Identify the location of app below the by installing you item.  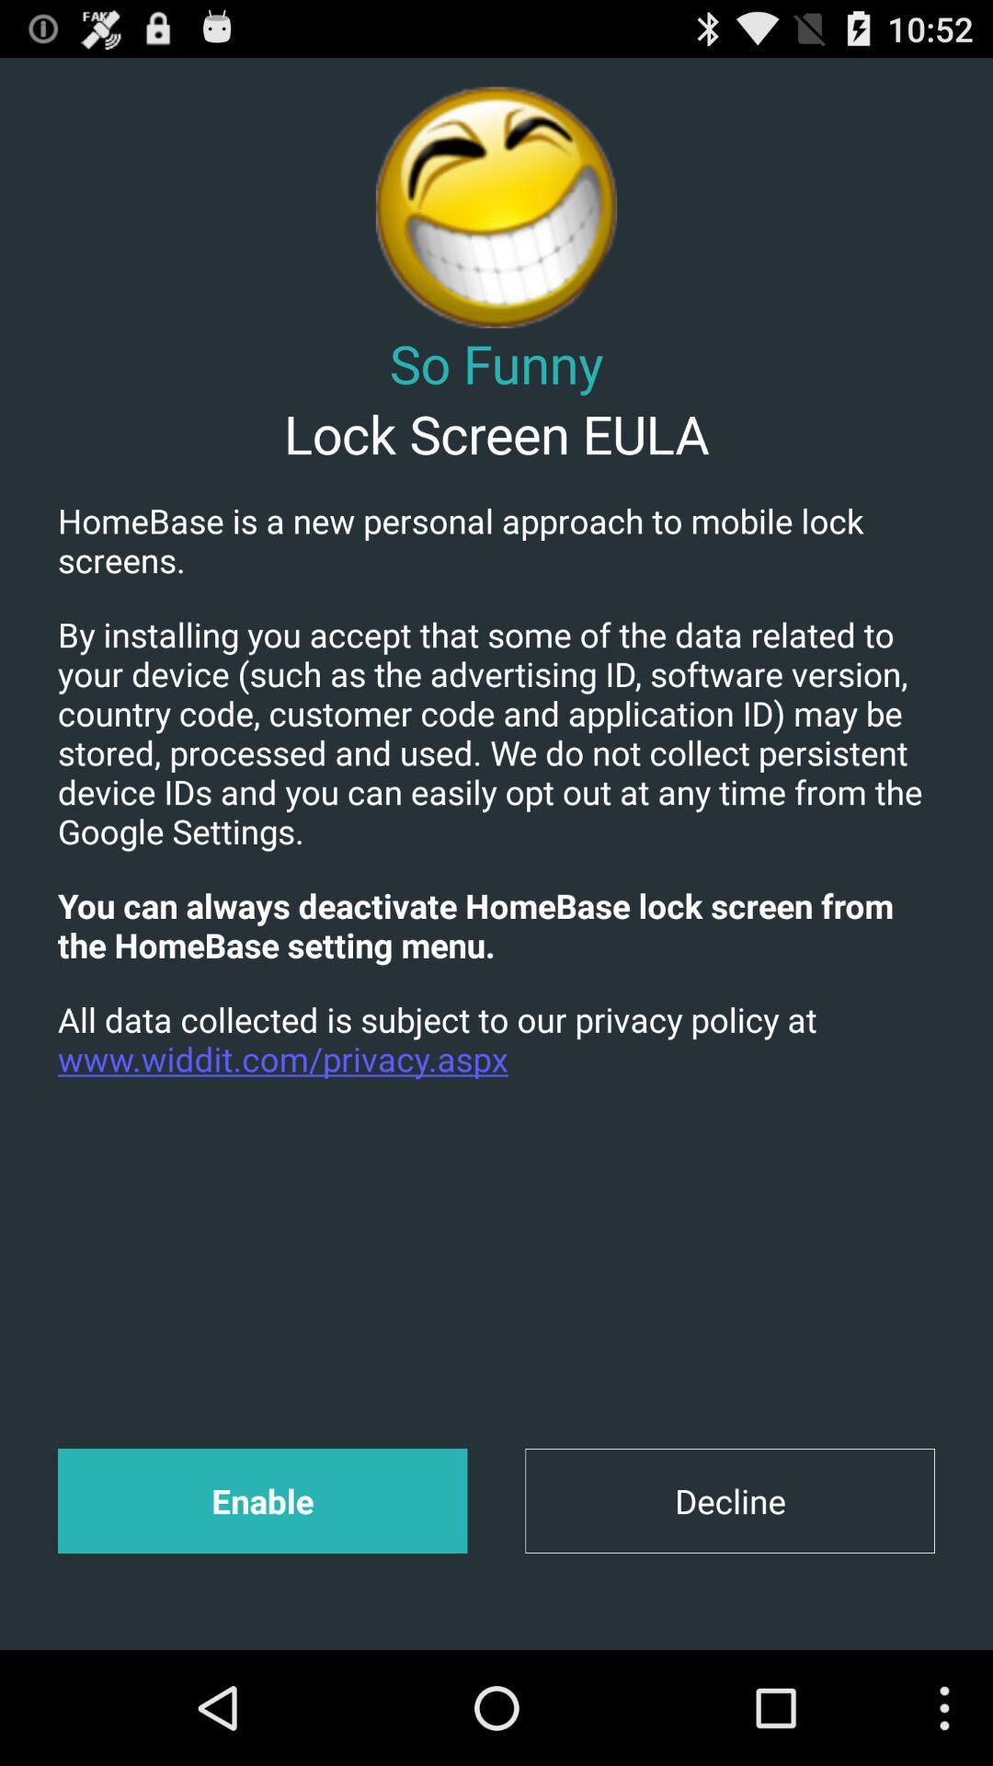
(496, 925).